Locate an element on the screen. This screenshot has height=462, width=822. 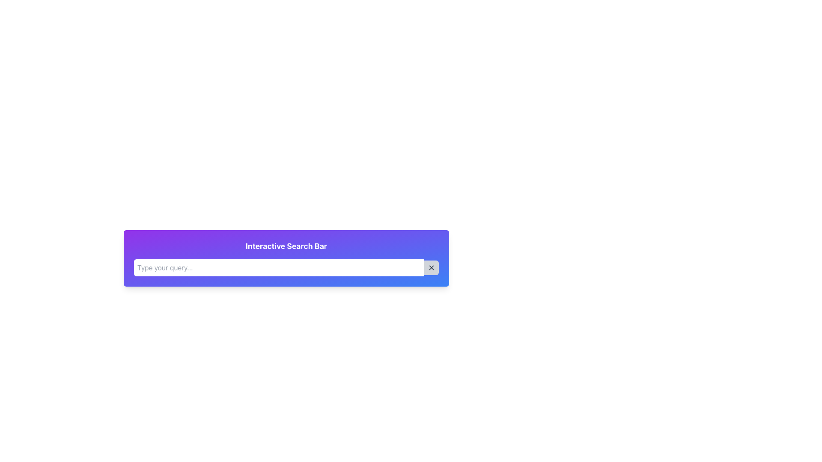
the close icon located at the top-right part of the search bar to clear the input field is located at coordinates (432, 267).